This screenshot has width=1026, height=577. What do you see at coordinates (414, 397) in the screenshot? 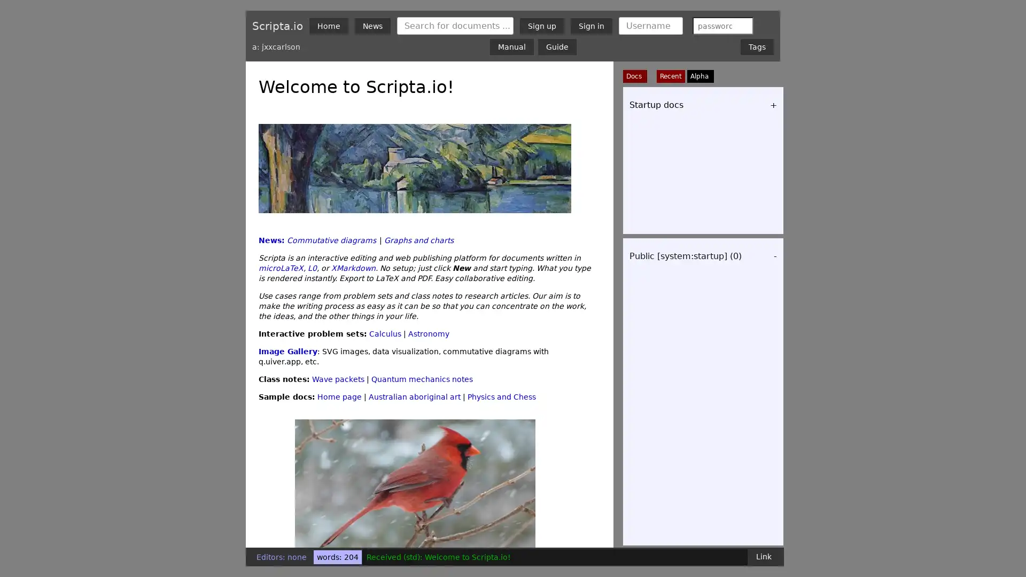
I see `Australian aboriginal art` at bounding box center [414, 397].